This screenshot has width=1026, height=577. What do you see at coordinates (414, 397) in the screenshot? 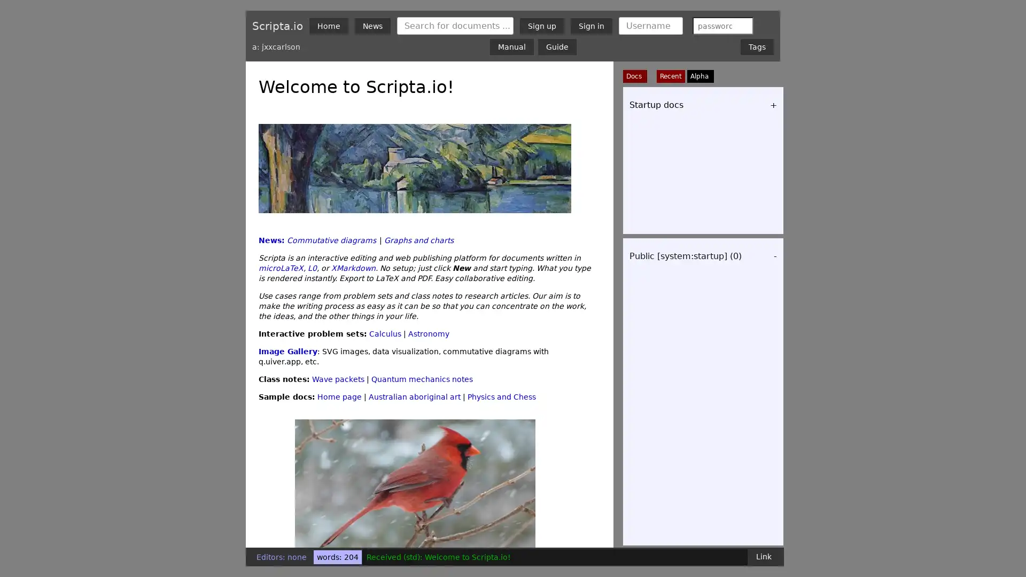
I see `Australian aboriginal art` at bounding box center [414, 397].